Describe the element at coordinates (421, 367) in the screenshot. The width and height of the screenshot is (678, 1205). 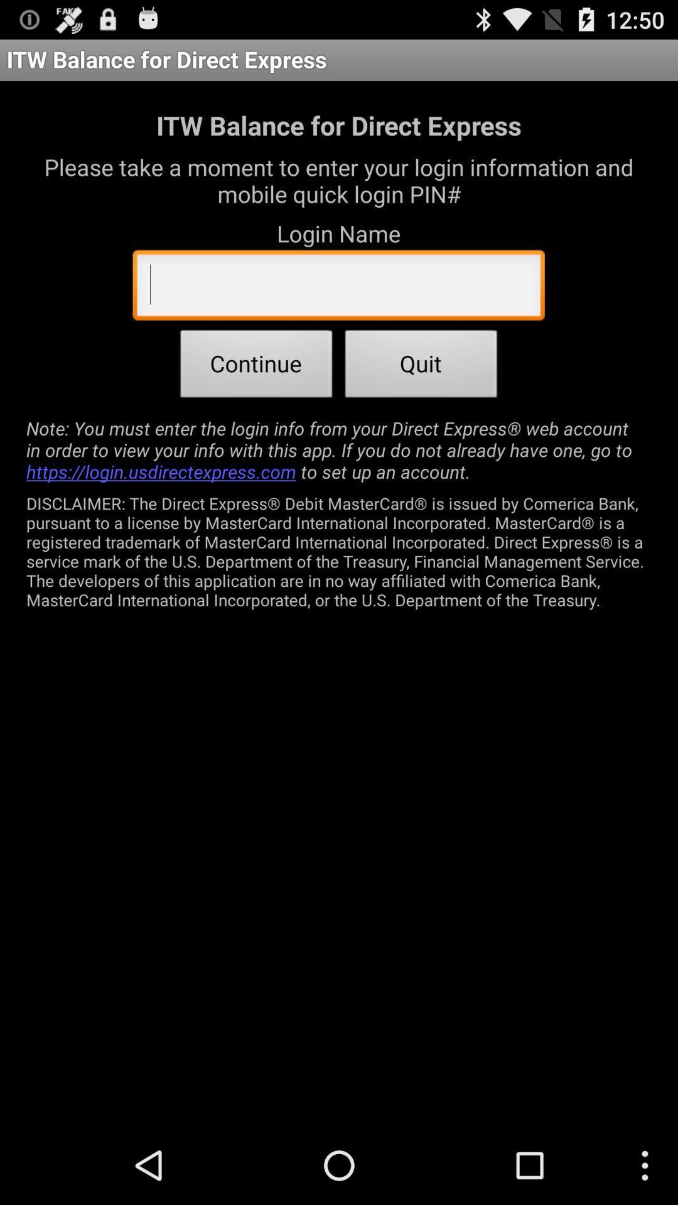
I see `app above note you must item` at that location.